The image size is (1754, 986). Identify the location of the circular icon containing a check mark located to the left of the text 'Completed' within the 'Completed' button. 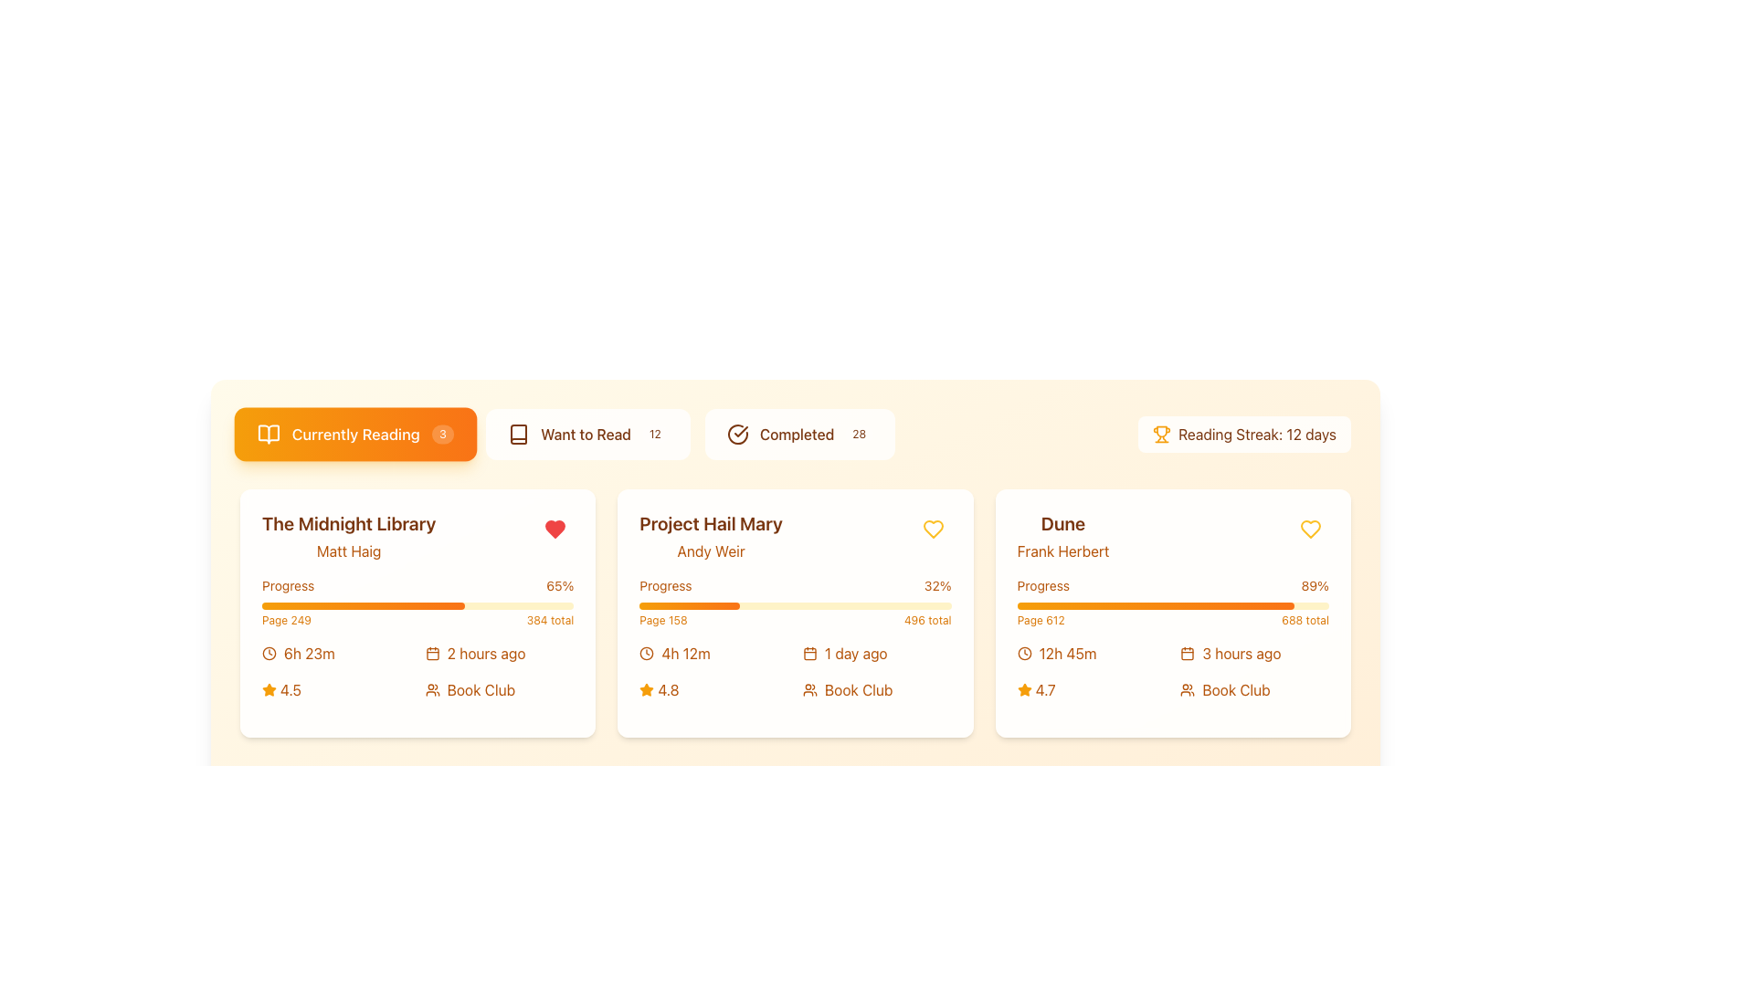
(737, 434).